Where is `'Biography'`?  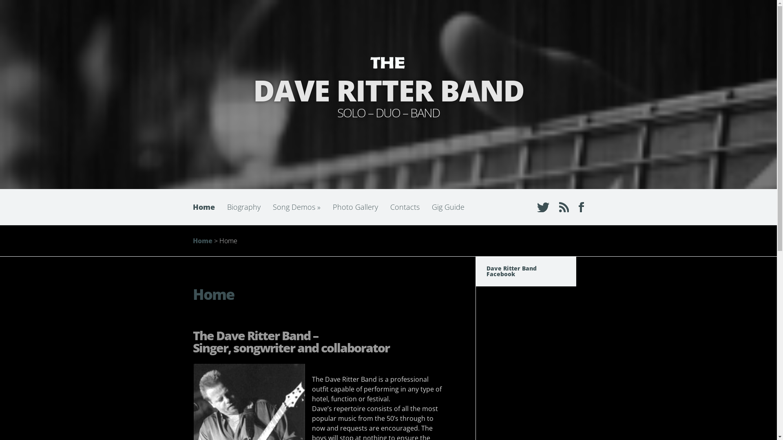 'Biography' is located at coordinates (243, 207).